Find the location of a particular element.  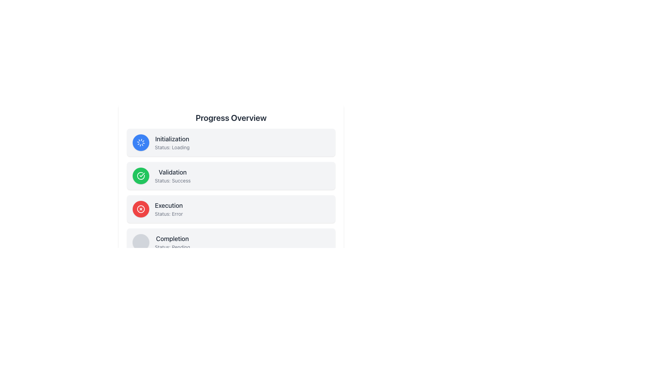

the header text label for the status information labeled 'Execution', which is positioned above the smaller text 'Status: Error' is located at coordinates (169, 205).